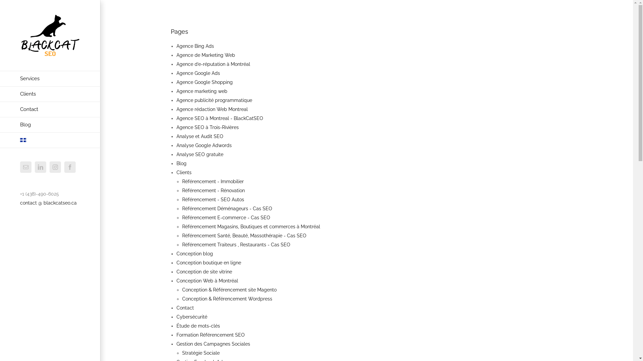  Describe the element at coordinates (185, 308) in the screenshot. I see `'Contact'` at that location.